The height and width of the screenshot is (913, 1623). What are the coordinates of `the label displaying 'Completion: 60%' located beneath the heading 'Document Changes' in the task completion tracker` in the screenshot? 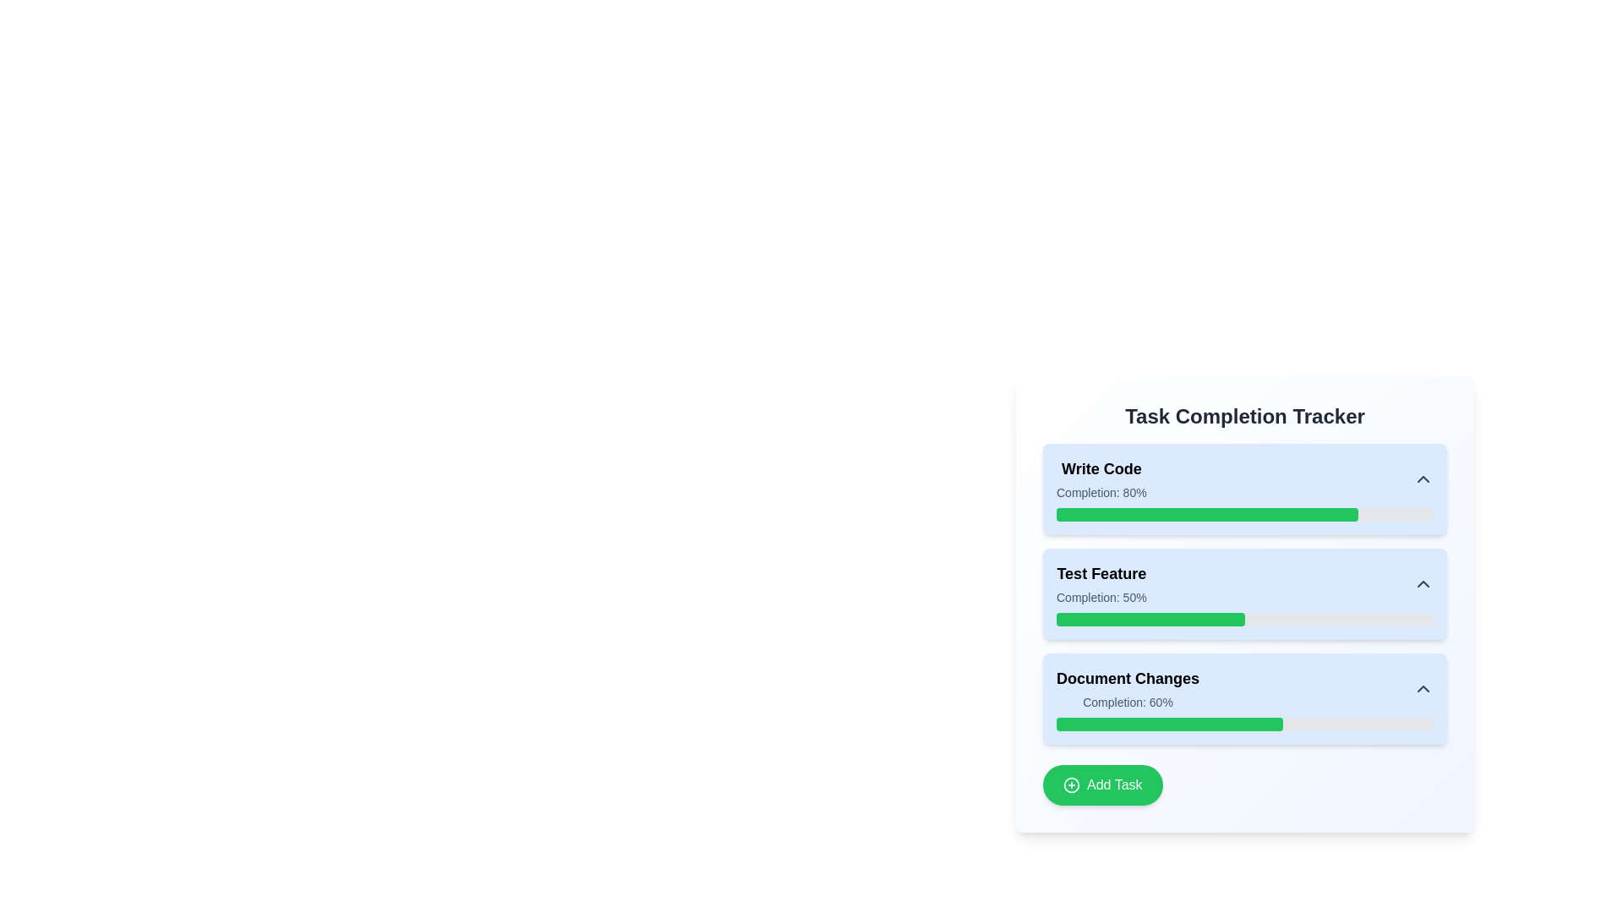 It's located at (1128, 702).